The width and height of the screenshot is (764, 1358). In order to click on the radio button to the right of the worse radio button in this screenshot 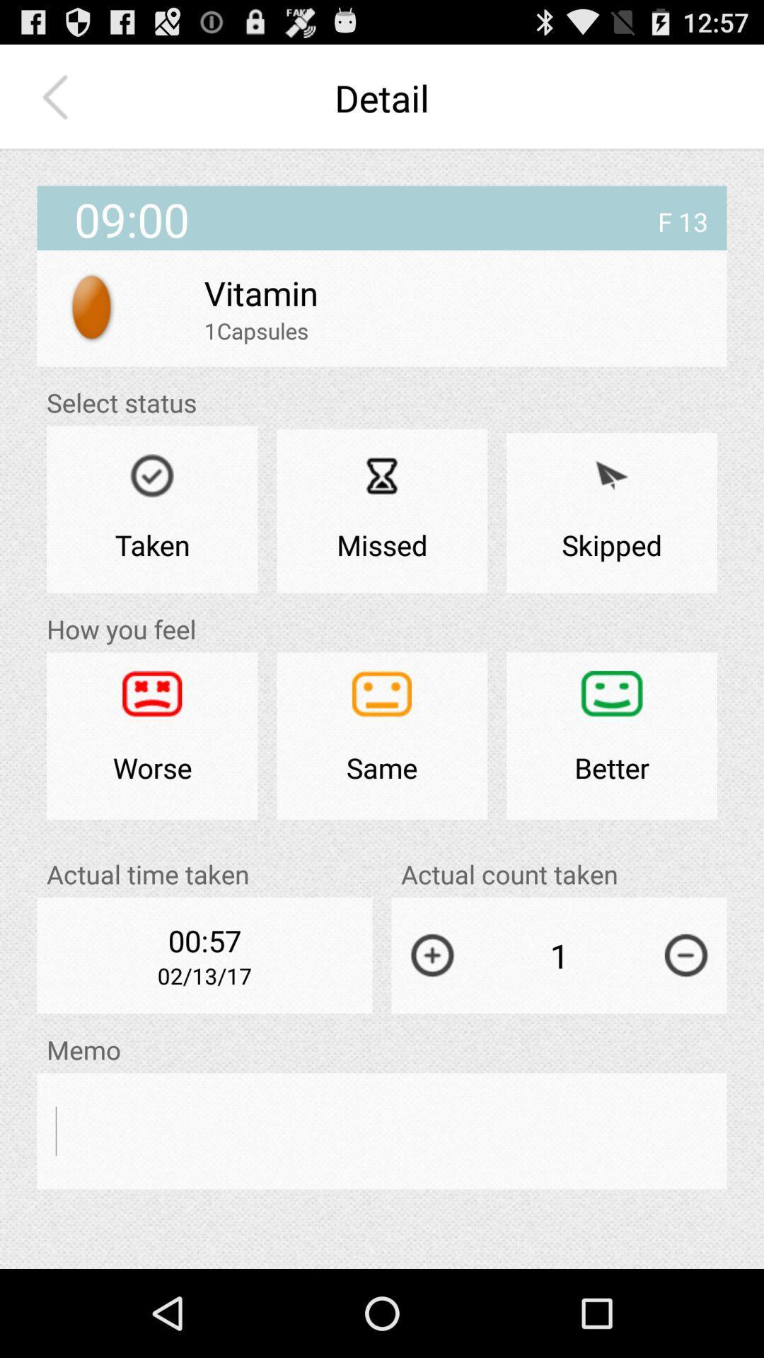, I will do `click(382, 736)`.